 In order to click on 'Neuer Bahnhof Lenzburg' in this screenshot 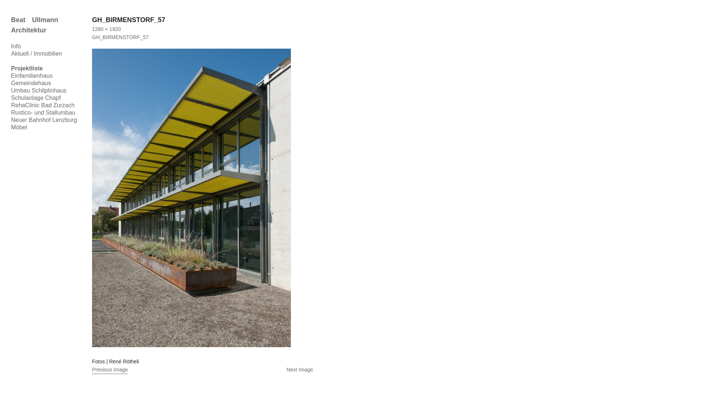, I will do `click(11, 119)`.